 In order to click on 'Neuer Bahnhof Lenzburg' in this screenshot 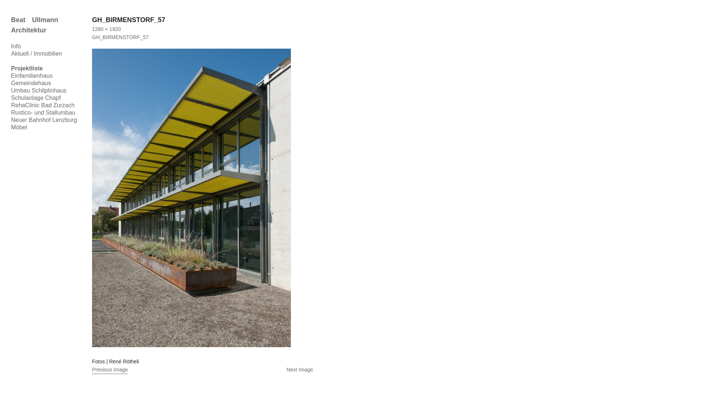, I will do `click(11, 119)`.